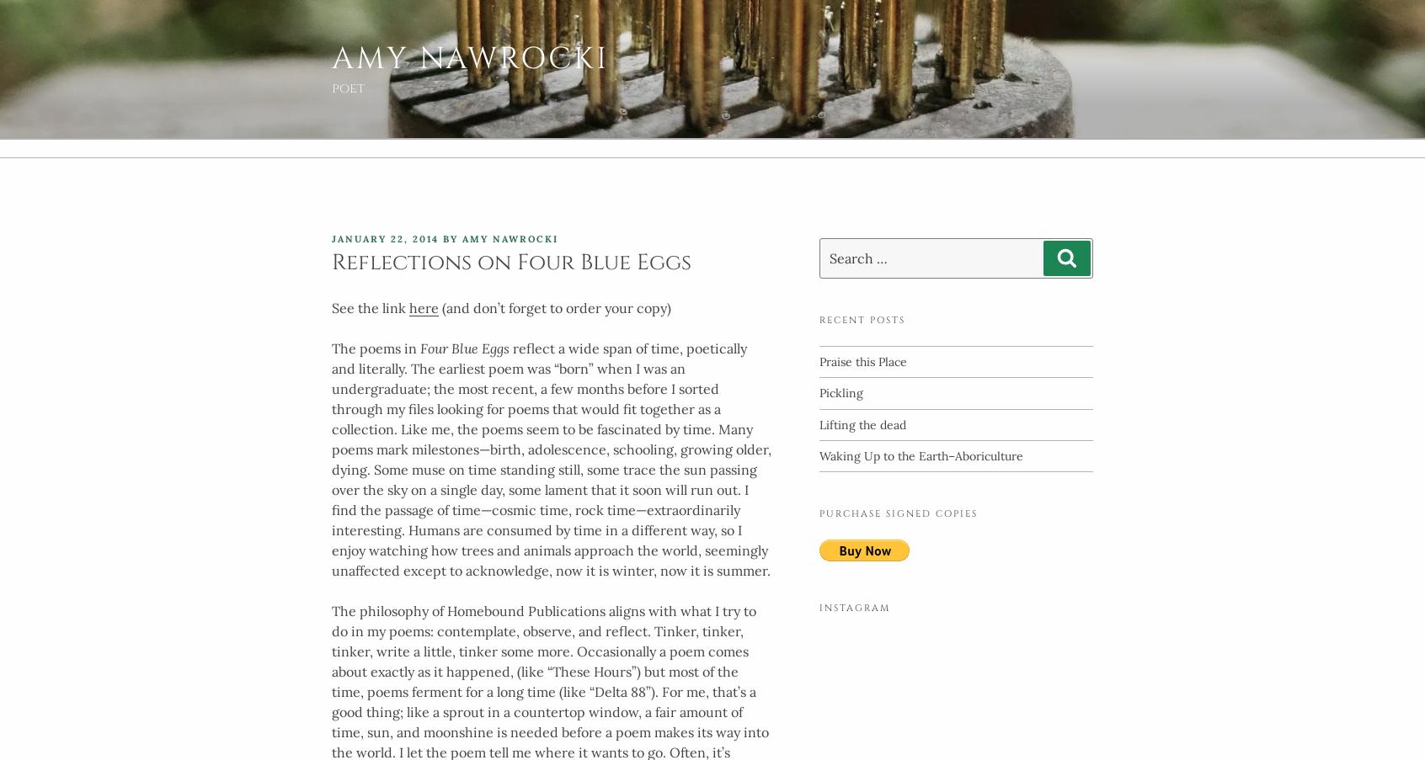  What do you see at coordinates (921, 454) in the screenshot?
I see `'Waking Up to the Earth–Aboriculture'` at bounding box center [921, 454].